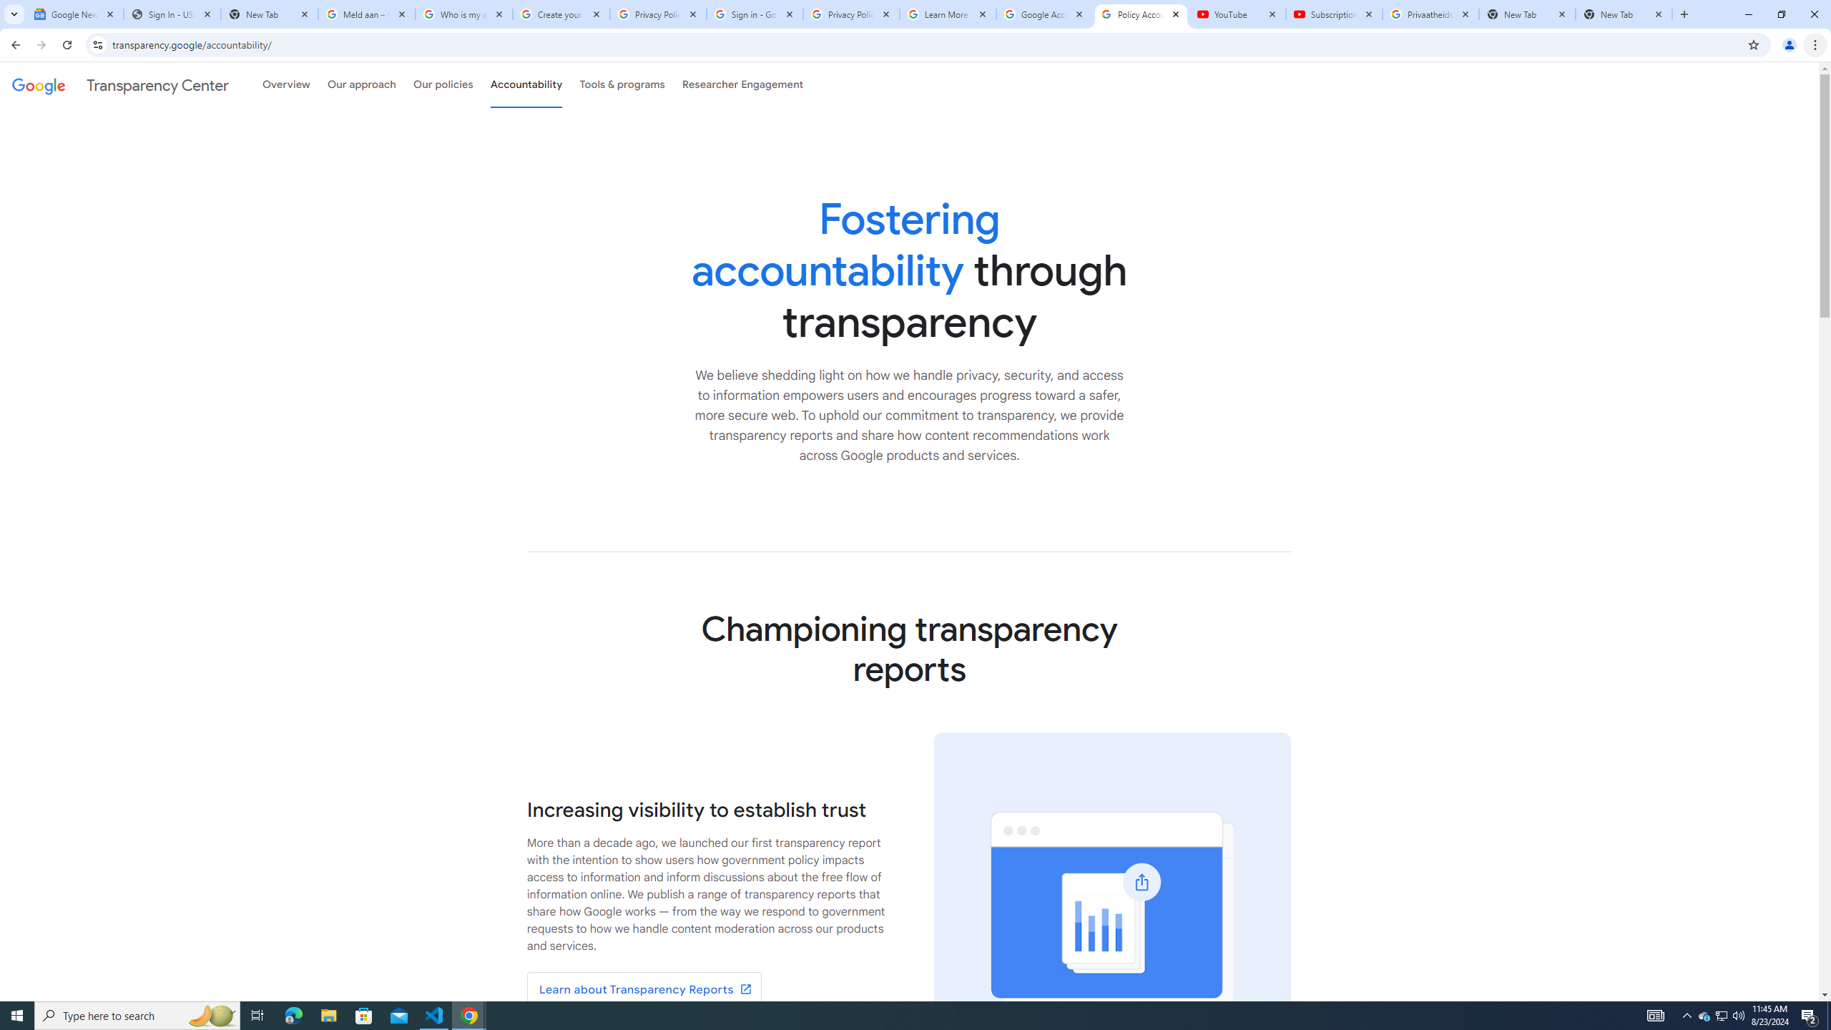  I want to click on 'Create your Google Account', so click(561, 14).